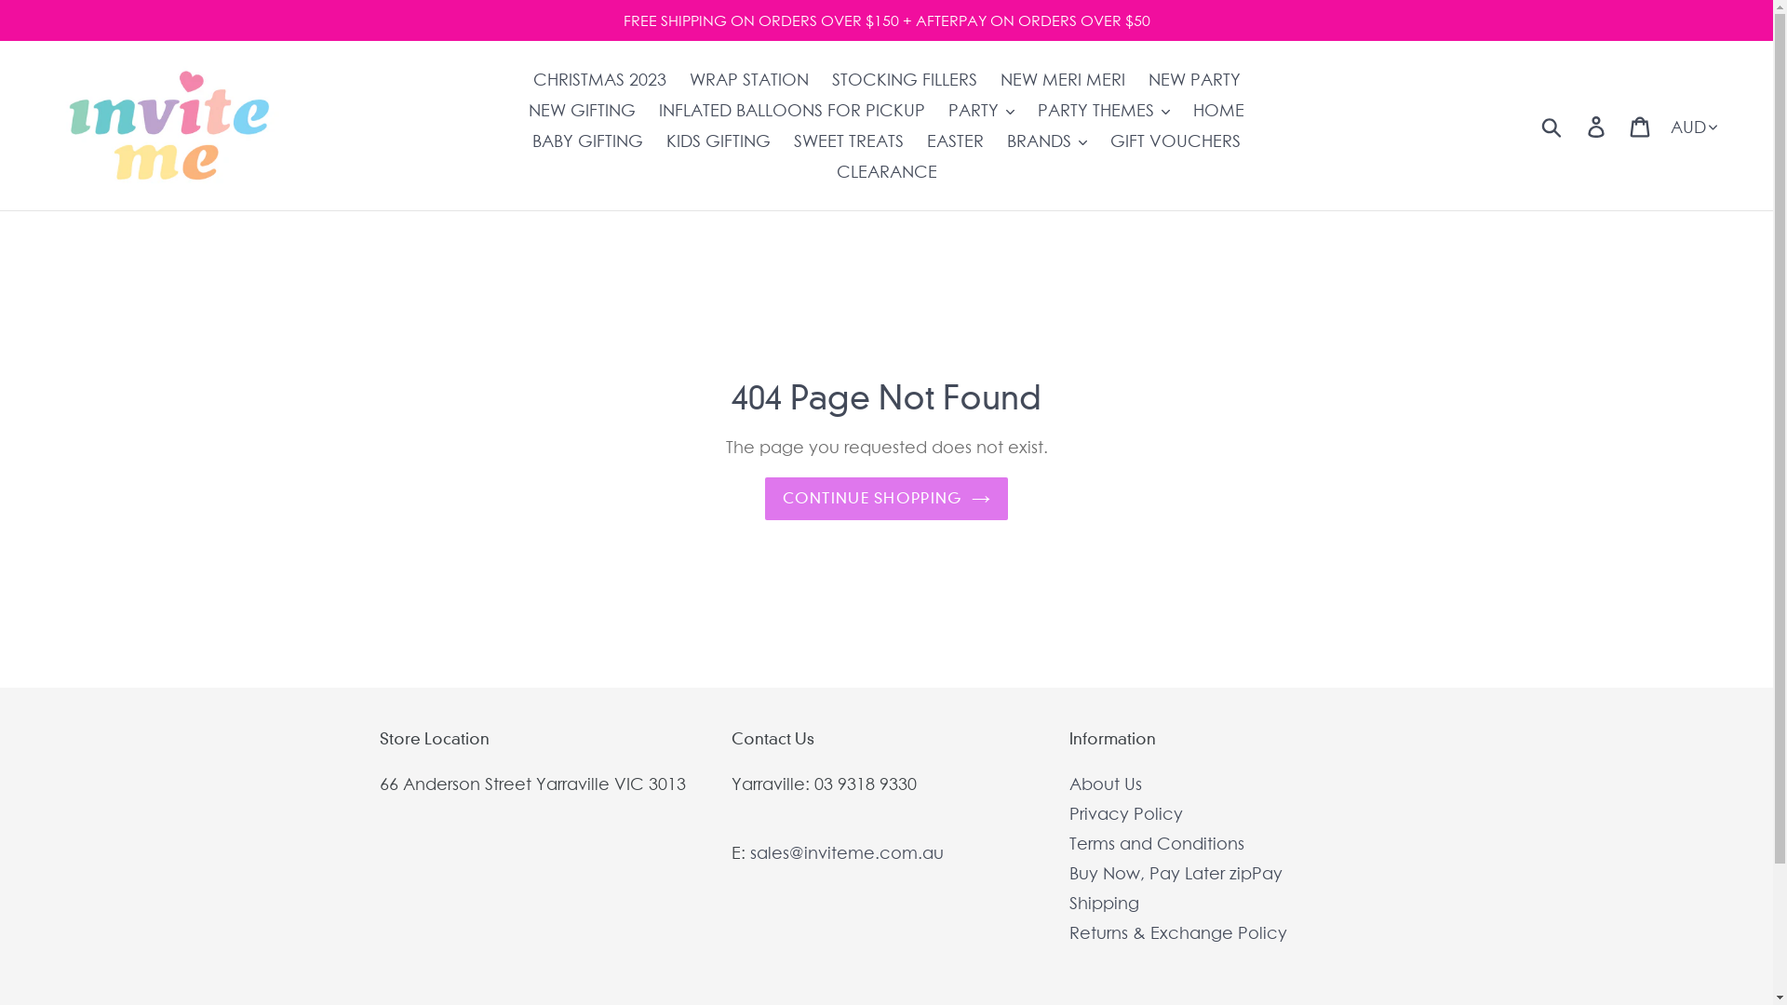  What do you see at coordinates (1174, 140) in the screenshot?
I see `'GIFT VOUCHERS'` at bounding box center [1174, 140].